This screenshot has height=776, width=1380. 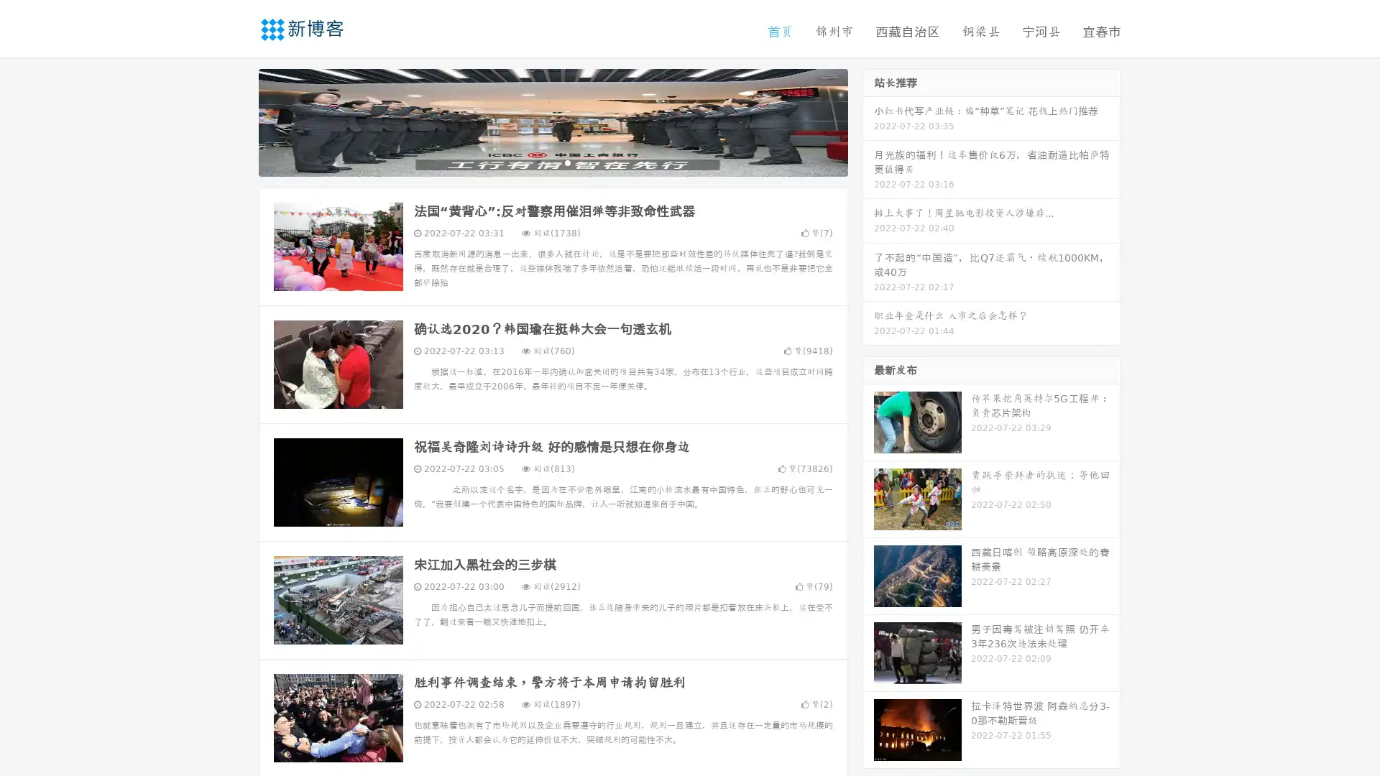 What do you see at coordinates (538, 162) in the screenshot?
I see `Go to slide 1` at bounding box center [538, 162].